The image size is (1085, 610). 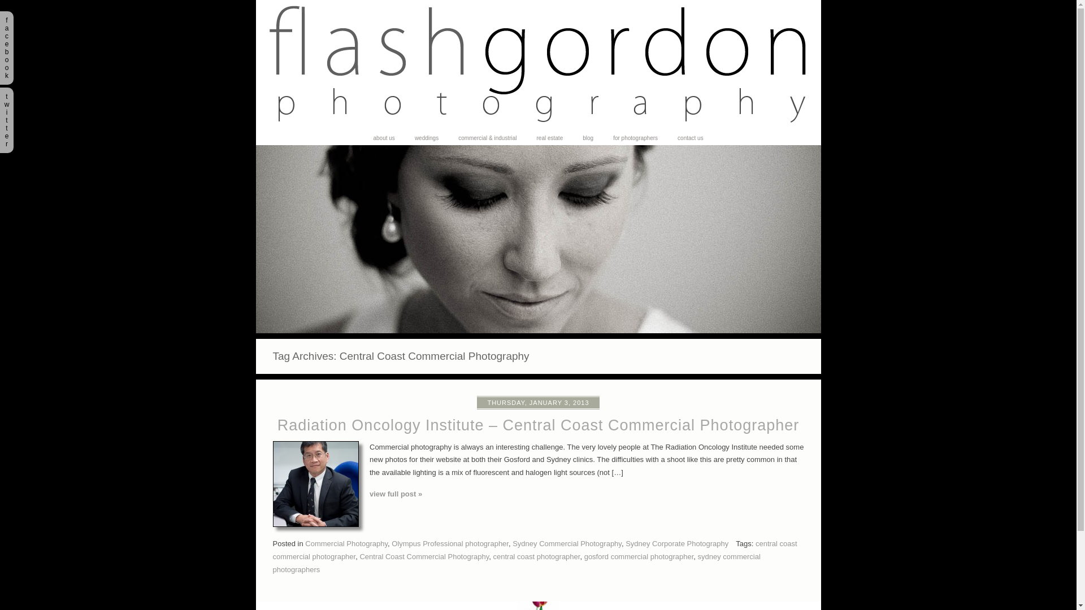 I want to click on 'about us', so click(x=383, y=138).